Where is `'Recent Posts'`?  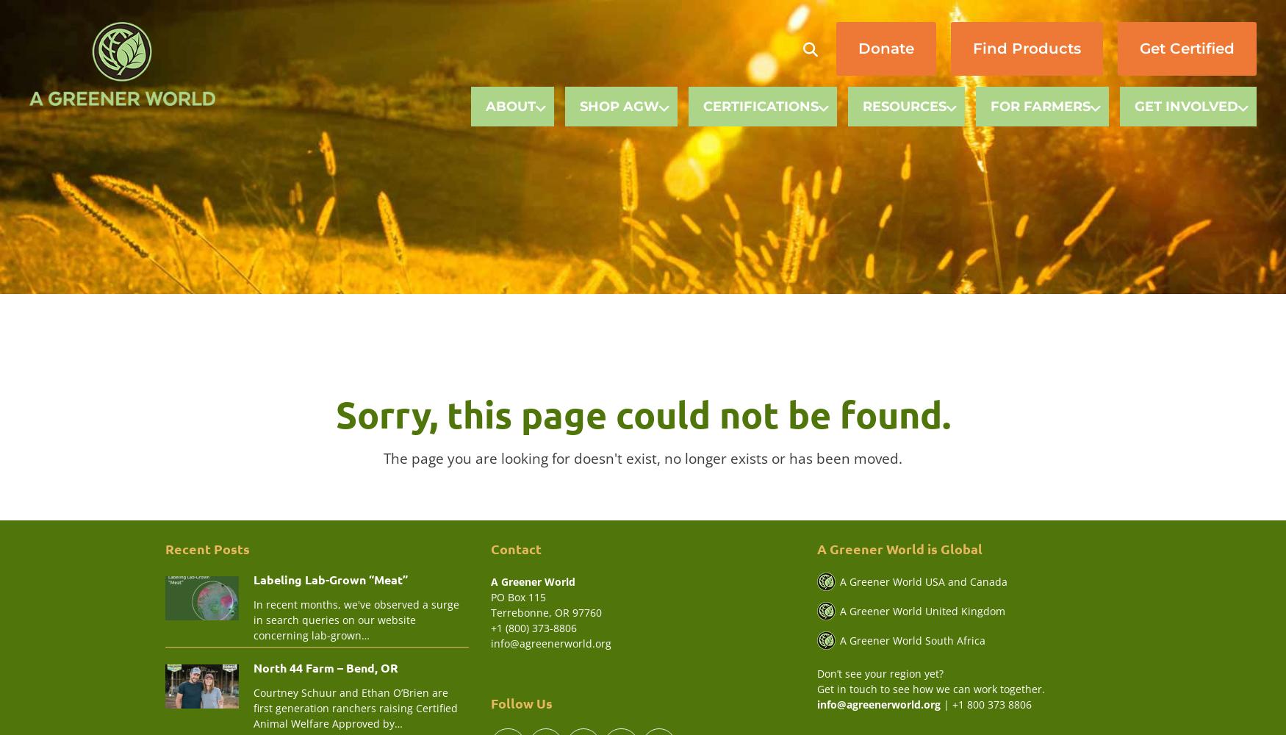
'Recent Posts' is located at coordinates (206, 547).